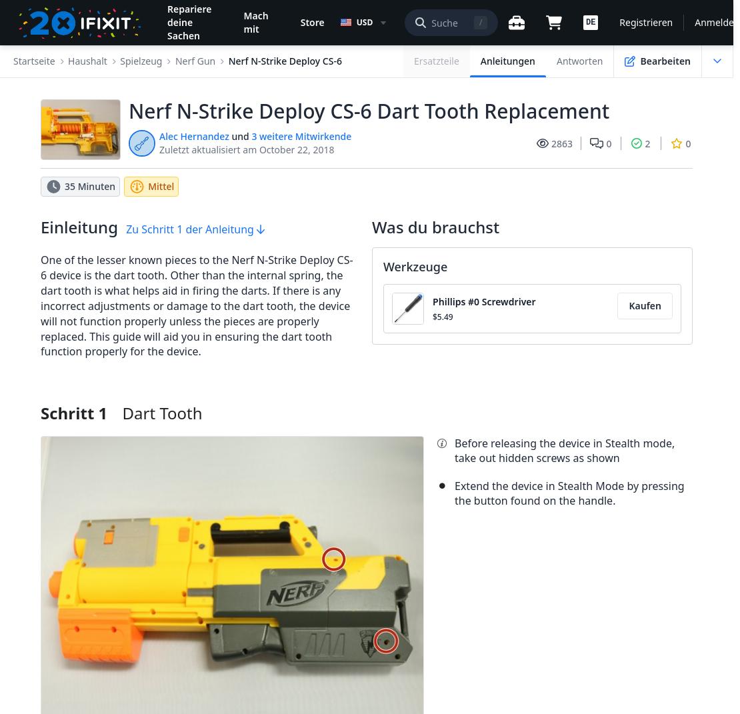 This screenshot has width=740, height=714. Describe the element at coordinates (645, 21) in the screenshot. I see `'Registrieren'` at that location.